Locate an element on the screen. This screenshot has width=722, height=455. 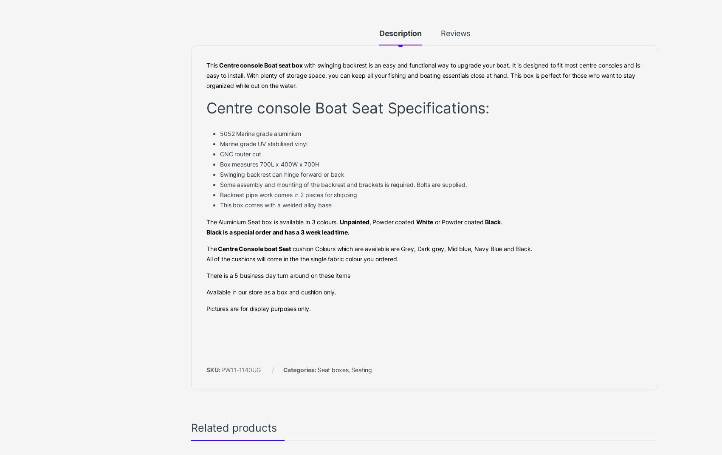
'Agnes Water, Queensland' is located at coordinates (59, 45).